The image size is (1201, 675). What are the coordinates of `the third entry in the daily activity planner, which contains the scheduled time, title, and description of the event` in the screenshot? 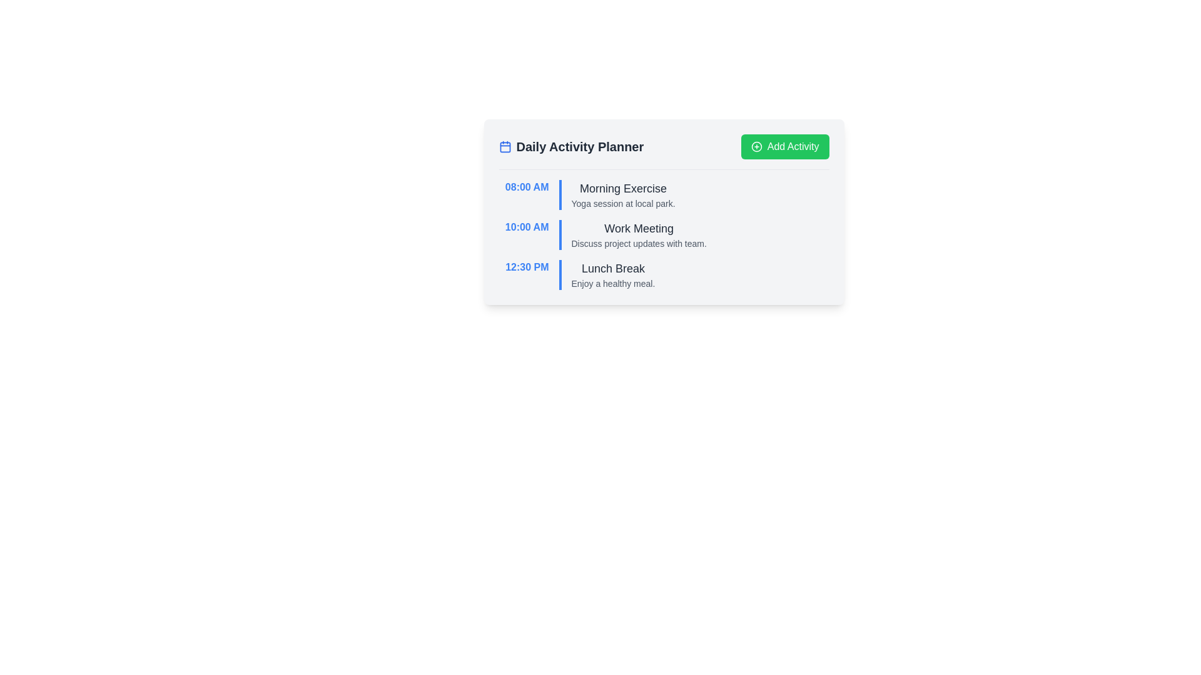 It's located at (663, 274).